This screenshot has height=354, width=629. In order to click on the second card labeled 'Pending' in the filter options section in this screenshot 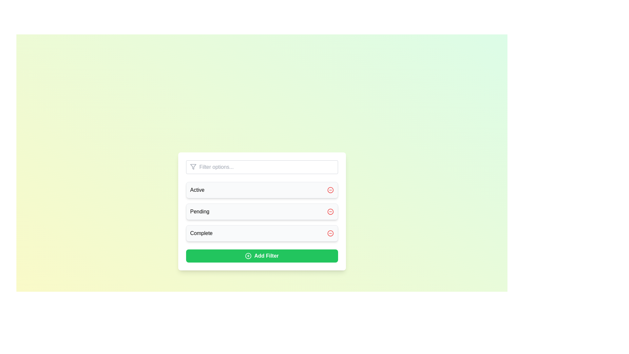, I will do `click(261, 211)`.